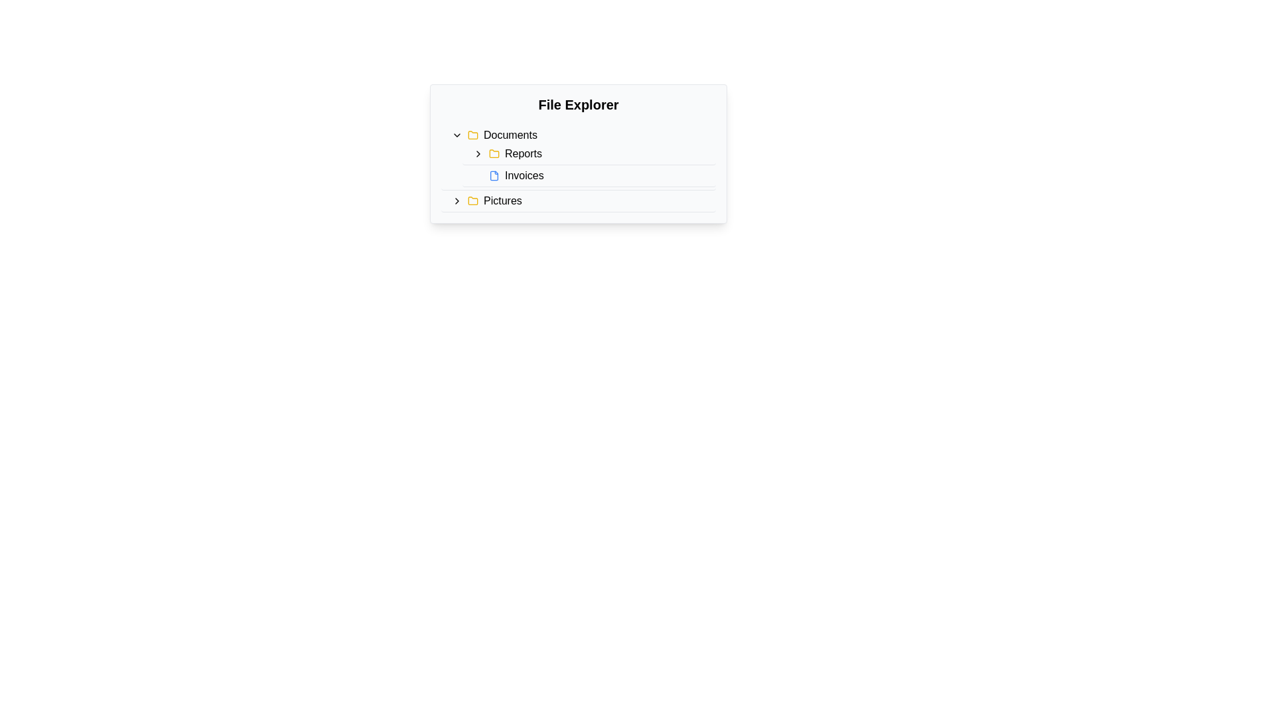 Image resolution: width=1274 pixels, height=717 pixels. Describe the element at coordinates (457, 135) in the screenshot. I see `the Chevron toggle button` at that location.